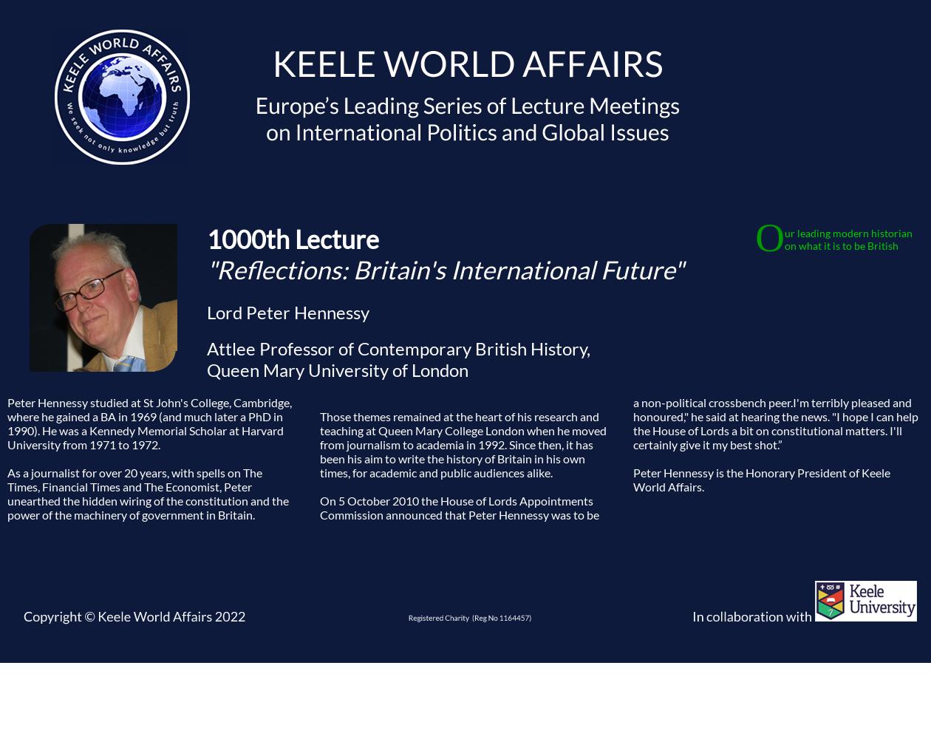 The width and height of the screenshot is (931, 739). I want to click on 'Peter Hennessy is the Honorary President of Keele World Affairs.', so click(761, 479).